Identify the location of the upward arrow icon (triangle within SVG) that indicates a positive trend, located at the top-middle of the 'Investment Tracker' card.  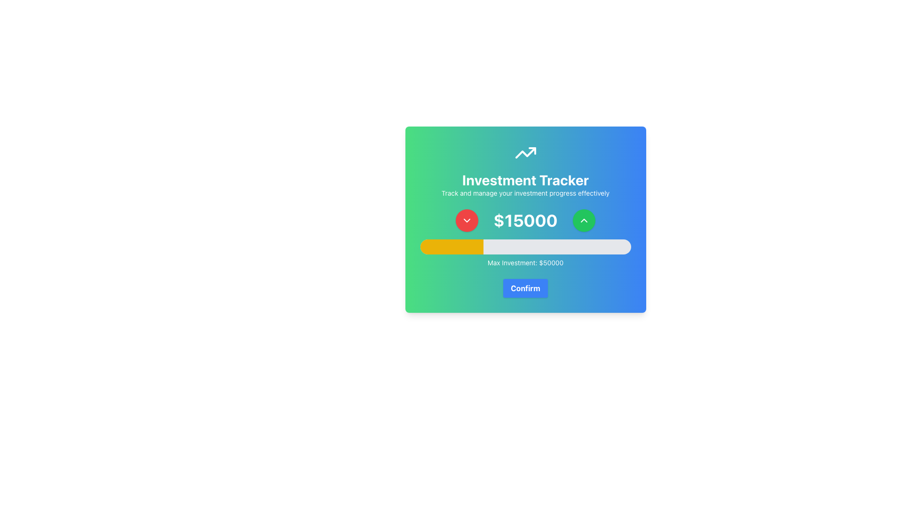
(532, 150).